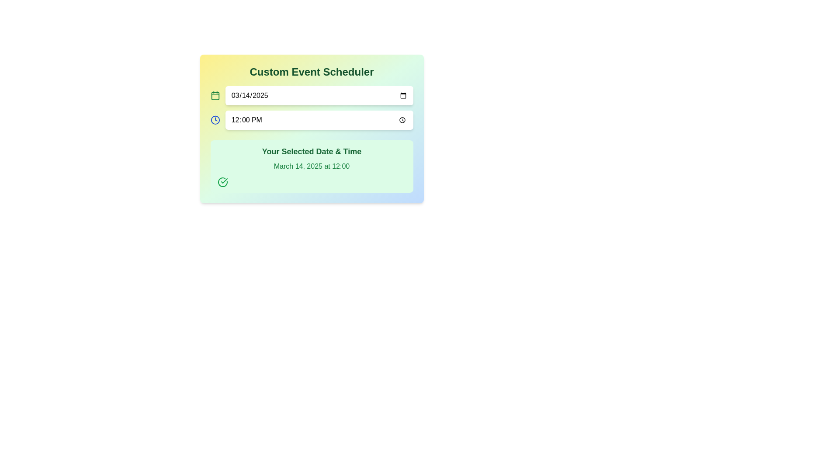  What do you see at coordinates (312, 120) in the screenshot?
I see `the Time picker input field to enable keyboard interaction, identified by its blue clock icon on the left and the time display ('12:00 PM') in the middle` at bounding box center [312, 120].